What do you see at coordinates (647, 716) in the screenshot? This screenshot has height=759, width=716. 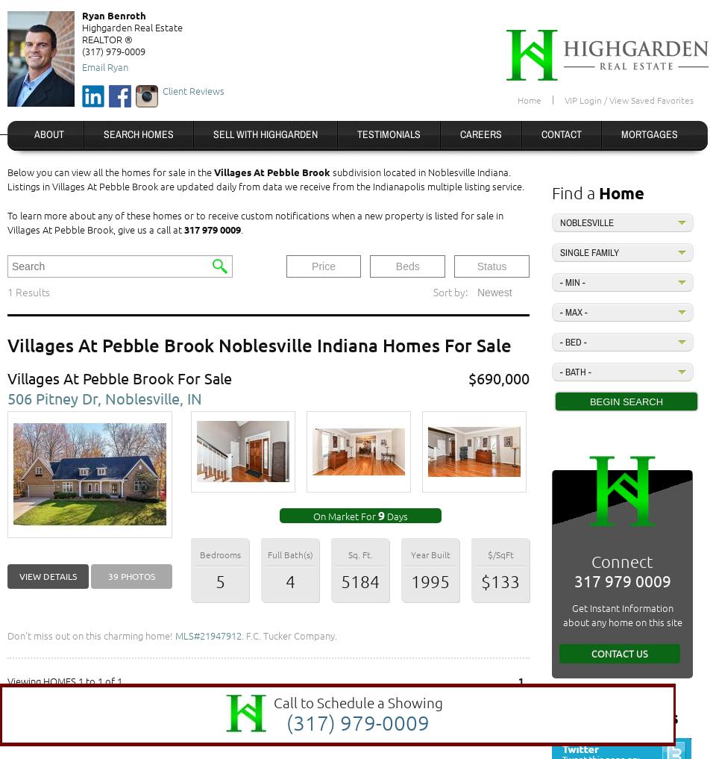 I see `'With Us'` at bounding box center [647, 716].